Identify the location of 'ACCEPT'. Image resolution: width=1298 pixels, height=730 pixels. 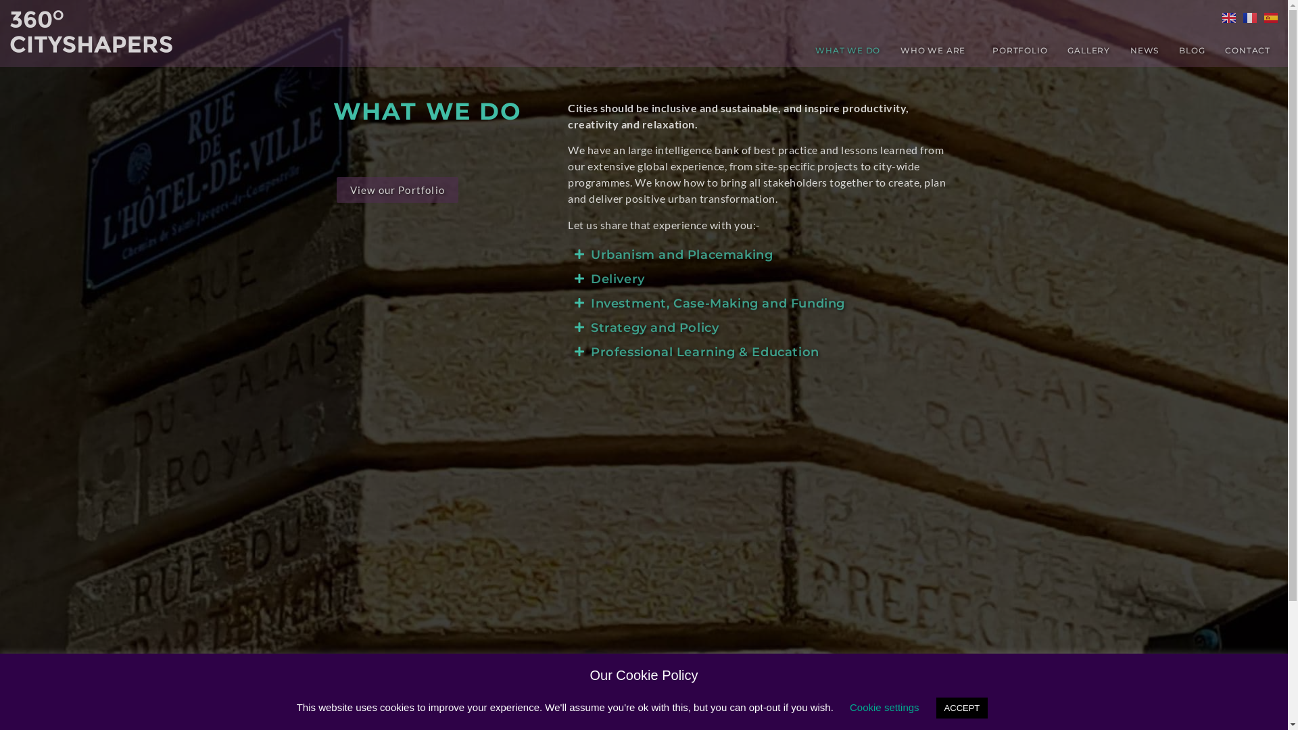
(961, 707).